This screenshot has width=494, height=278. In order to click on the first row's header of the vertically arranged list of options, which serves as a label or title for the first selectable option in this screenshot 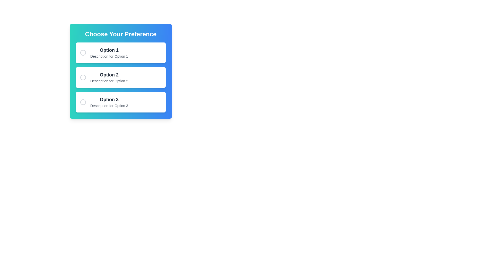, I will do `click(109, 50)`.